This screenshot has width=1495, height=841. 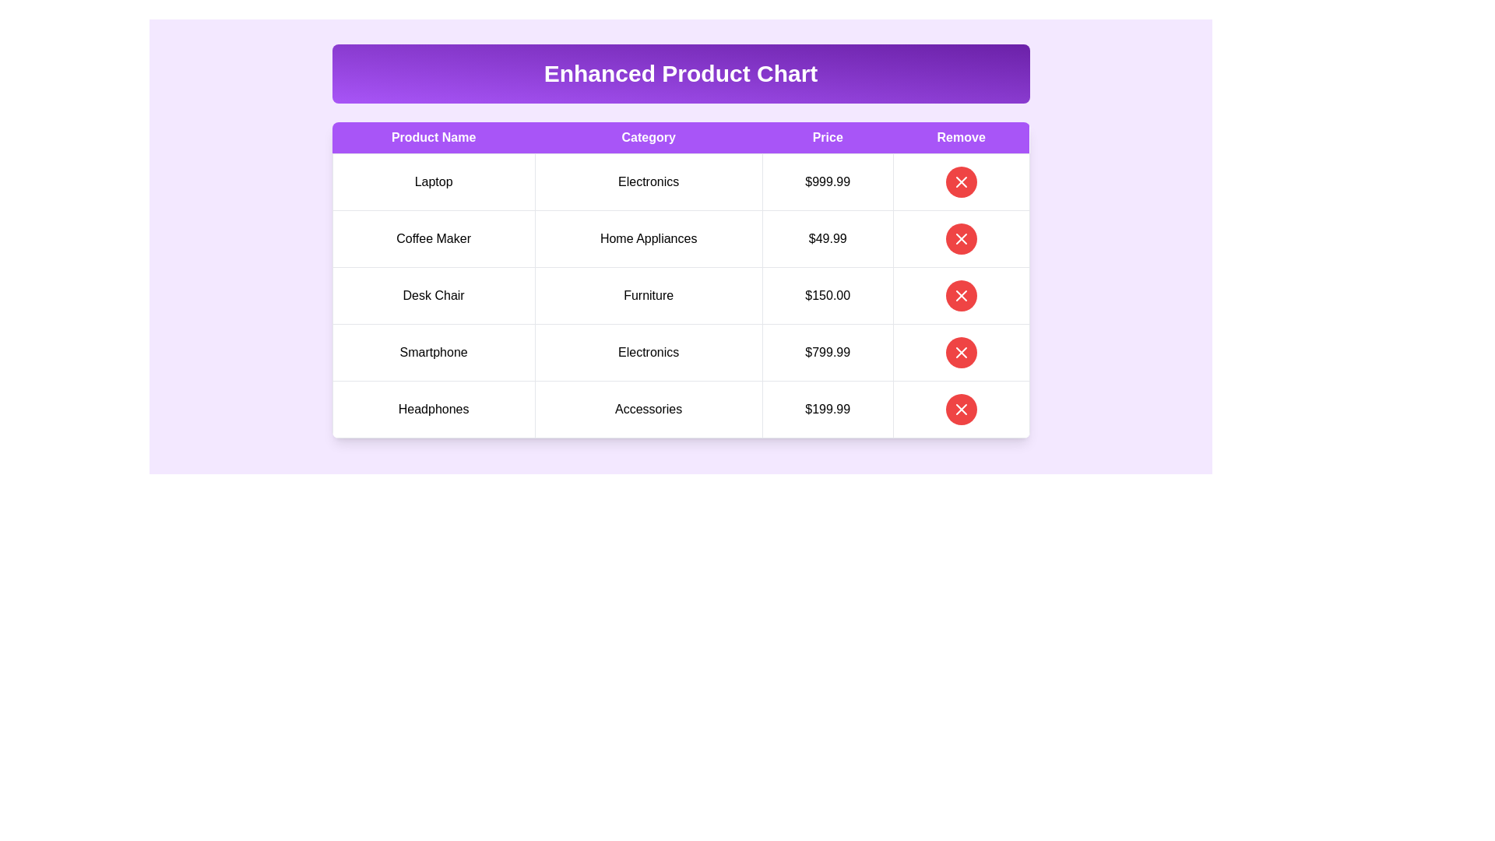 What do you see at coordinates (827, 296) in the screenshot?
I see `the static text element displaying the price for 'Desk Chair' in the 'Price' column of the product table` at bounding box center [827, 296].